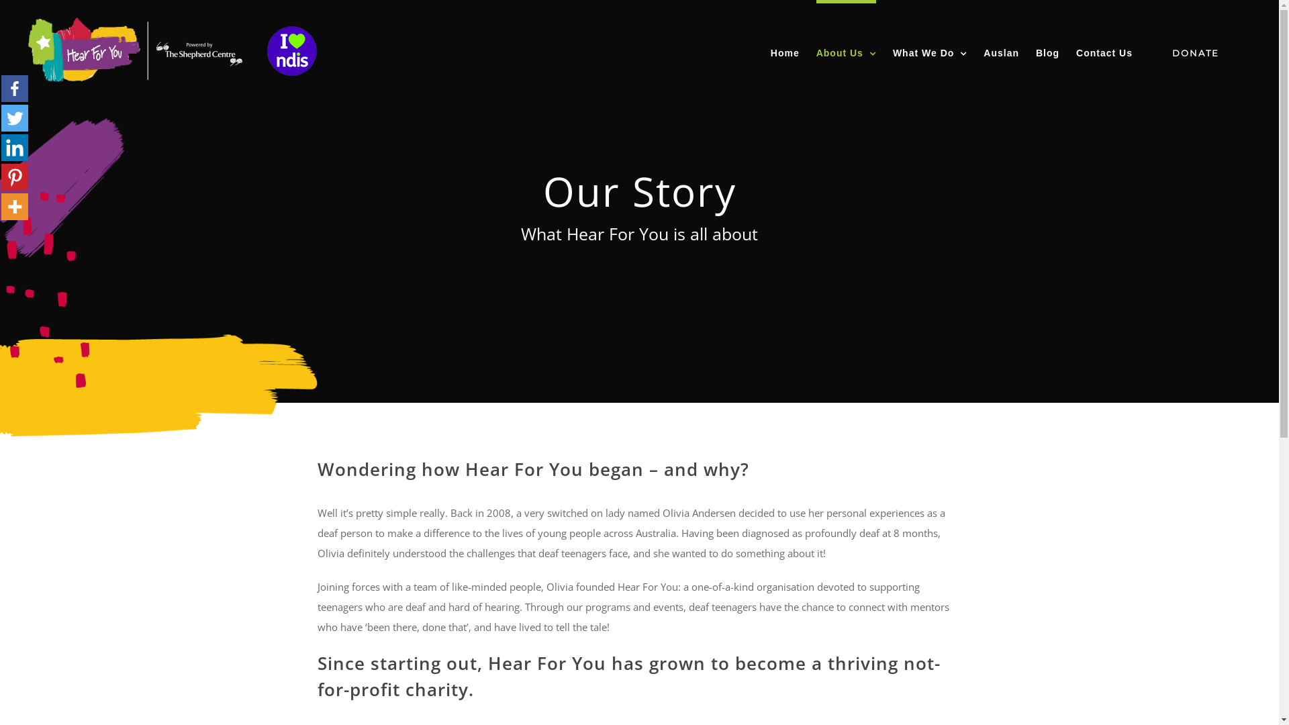  Describe the element at coordinates (15, 176) in the screenshot. I see `'Pinterest'` at that location.